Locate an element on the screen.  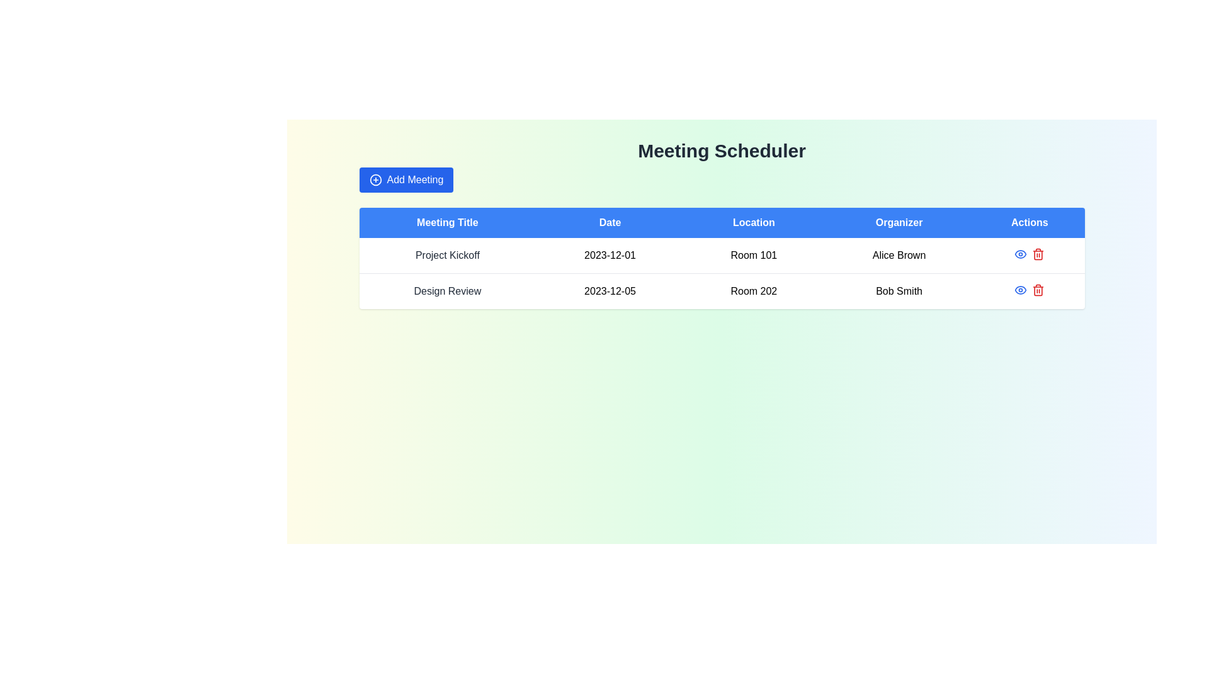
the trash can icon in the 'Actions' column of the second row is located at coordinates (1038, 291).